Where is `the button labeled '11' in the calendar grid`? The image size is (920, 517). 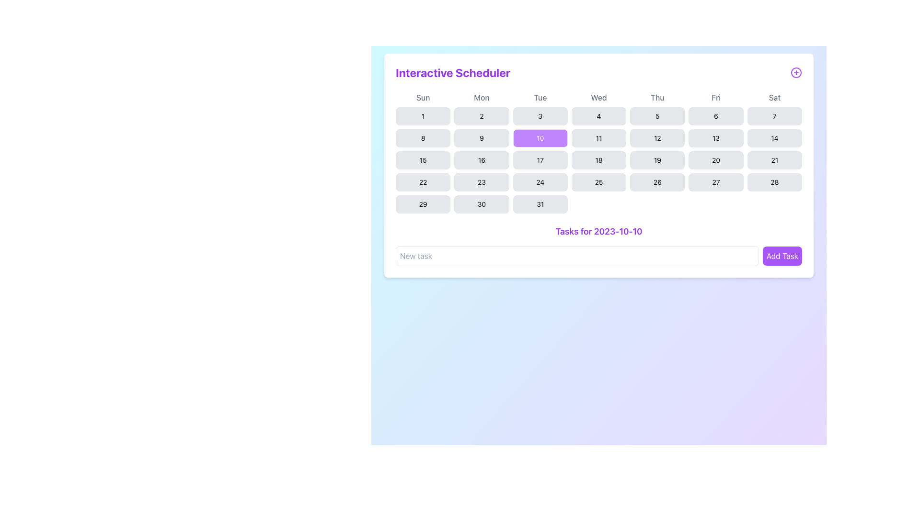
the button labeled '11' in the calendar grid is located at coordinates (598, 138).